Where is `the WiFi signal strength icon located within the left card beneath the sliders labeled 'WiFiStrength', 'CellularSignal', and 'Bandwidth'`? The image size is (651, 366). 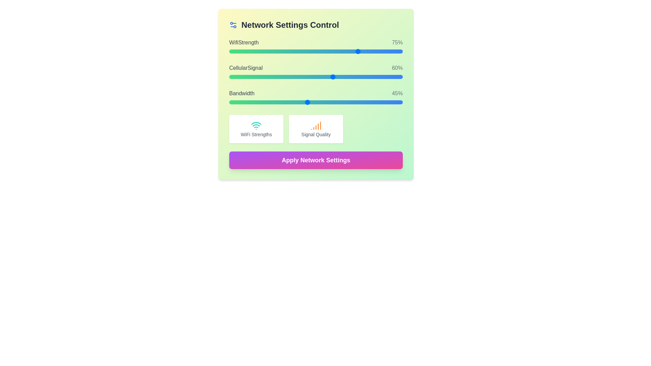 the WiFi signal strength icon located within the left card beneath the sliders labeled 'WiFiStrength', 'CellularSignal', and 'Bandwidth' is located at coordinates (256, 125).